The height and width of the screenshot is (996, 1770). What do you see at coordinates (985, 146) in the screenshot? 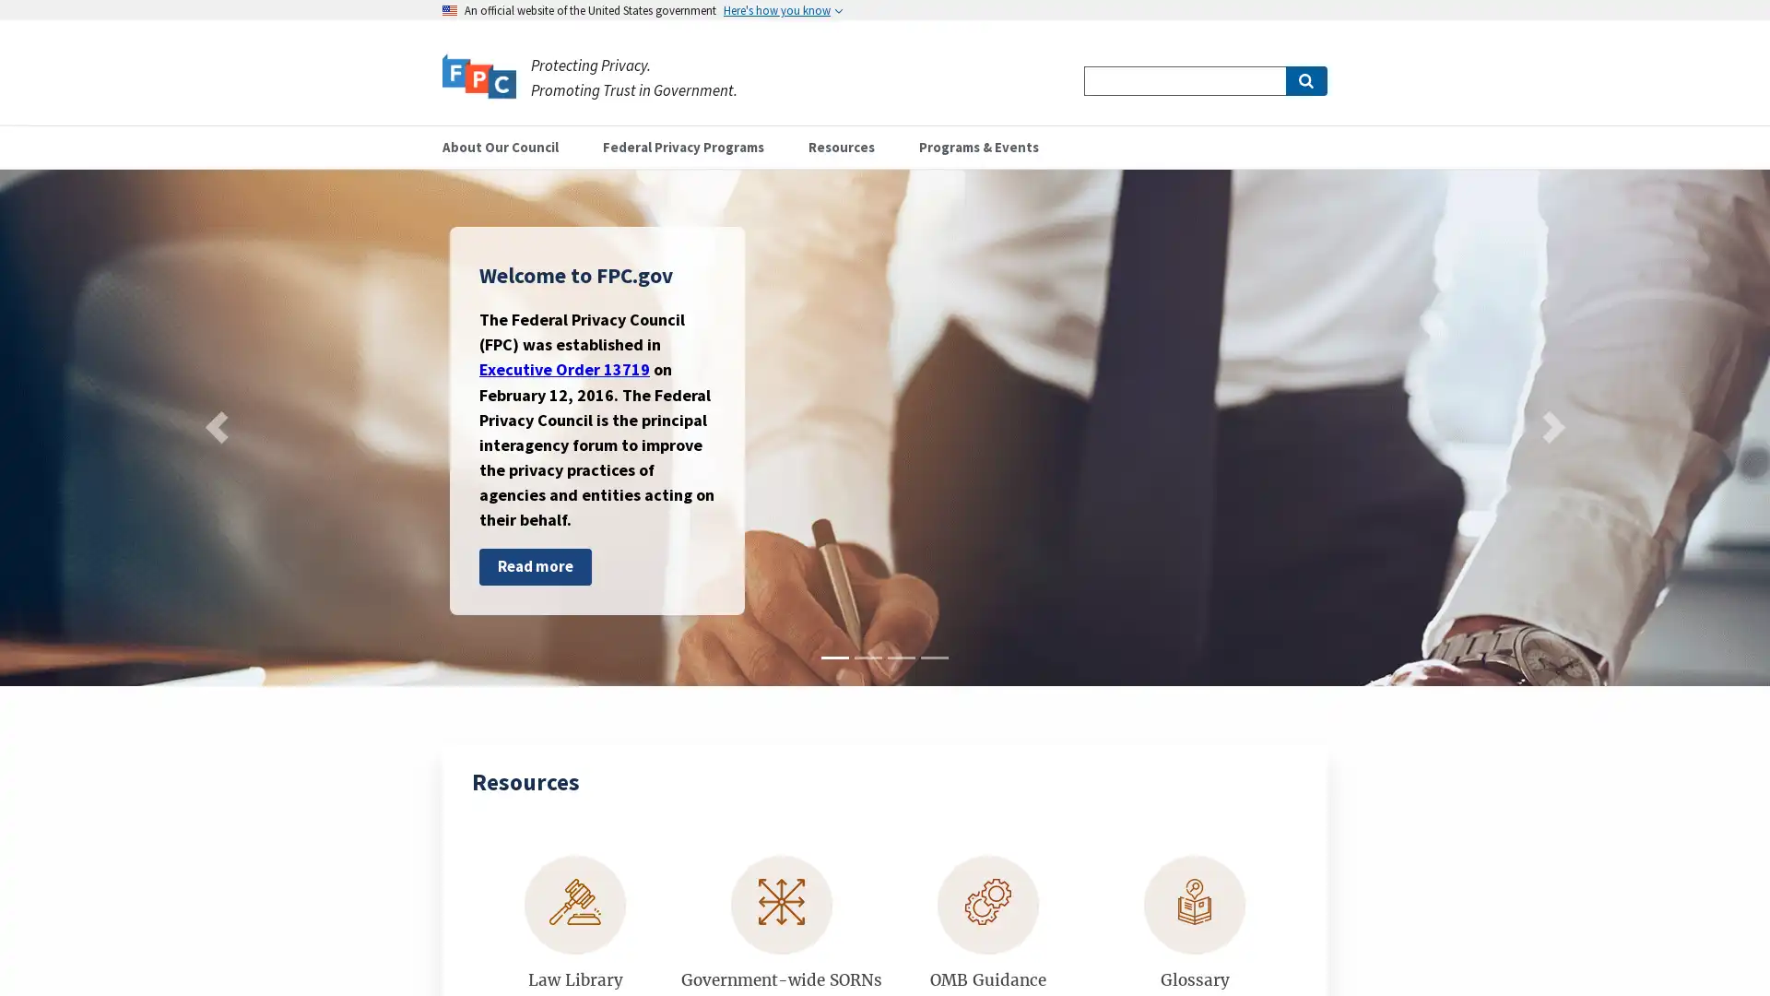
I see `Programs & Events` at bounding box center [985, 146].